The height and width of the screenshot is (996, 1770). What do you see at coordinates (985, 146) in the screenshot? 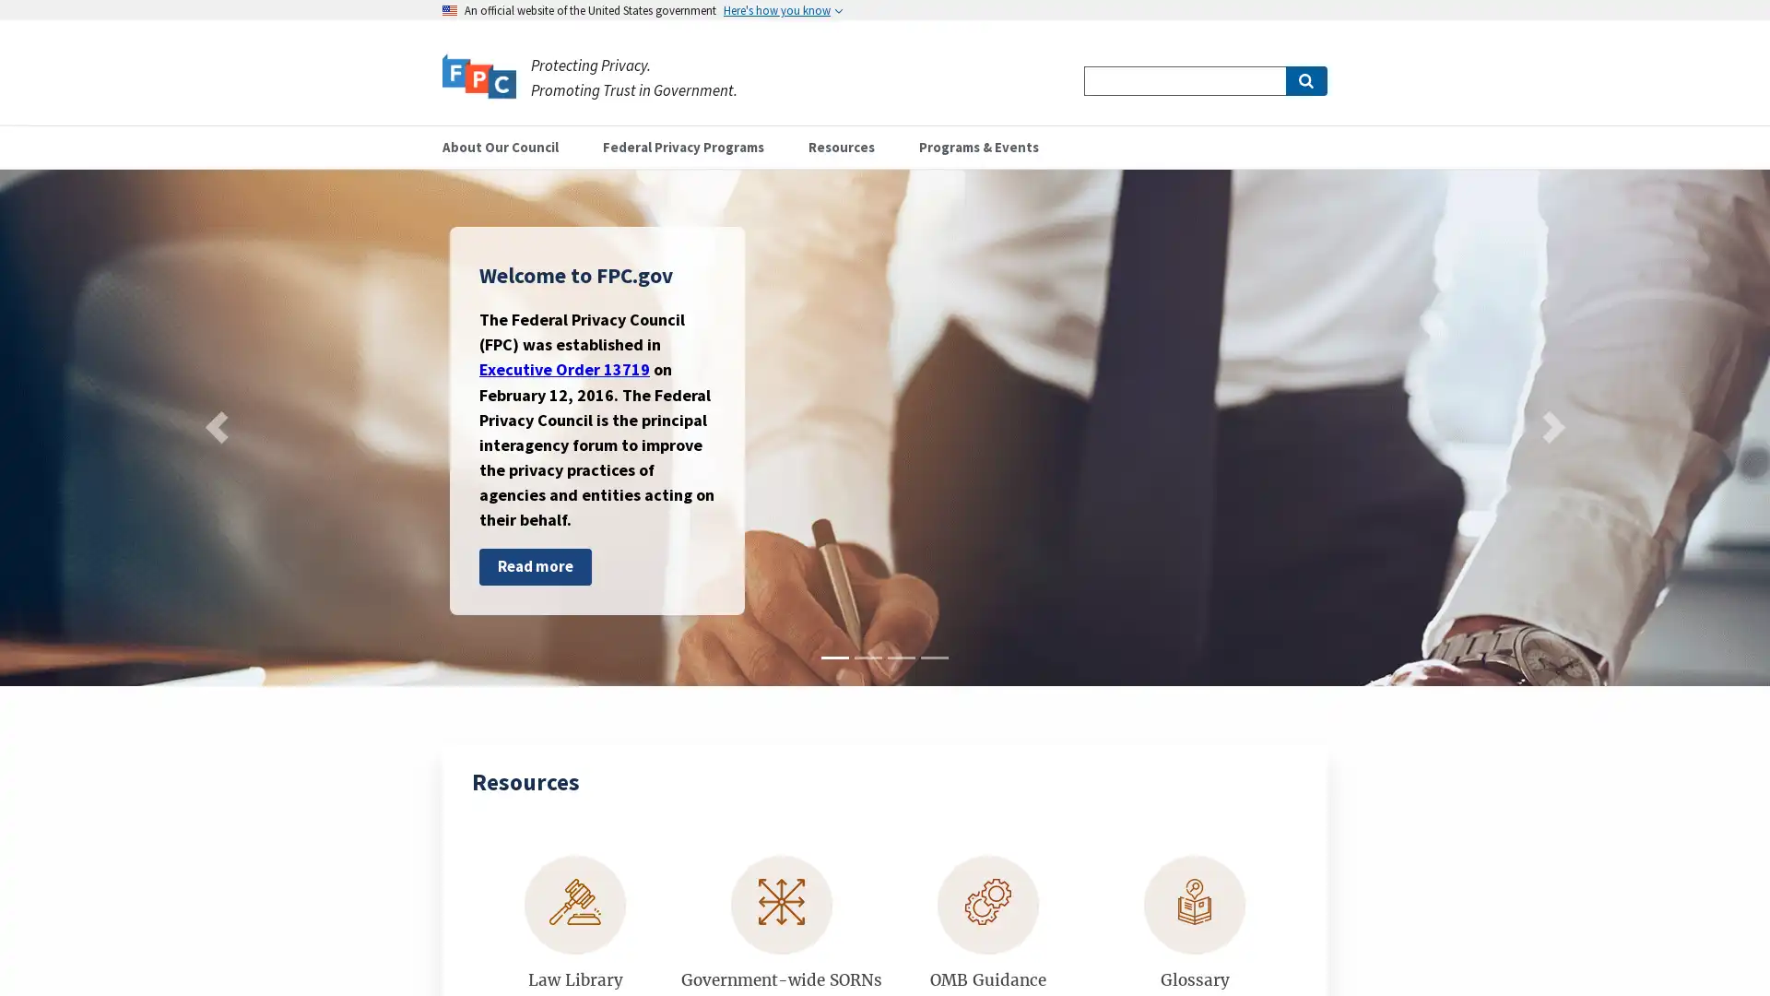
I see `Programs & Events` at bounding box center [985, 146].